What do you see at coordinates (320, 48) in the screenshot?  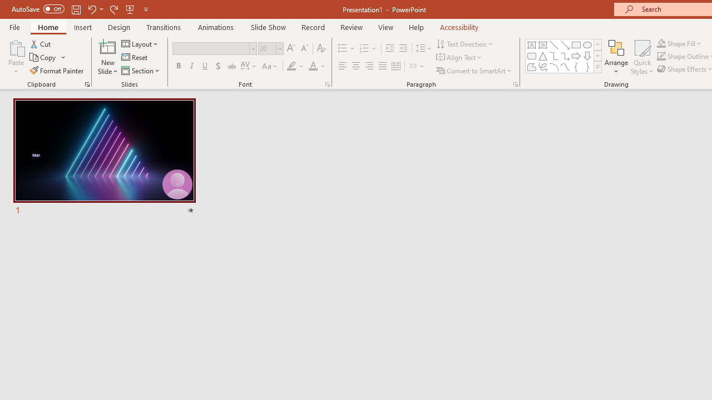 I see `'Clear Formatting'` at bounding box center [320, 48].